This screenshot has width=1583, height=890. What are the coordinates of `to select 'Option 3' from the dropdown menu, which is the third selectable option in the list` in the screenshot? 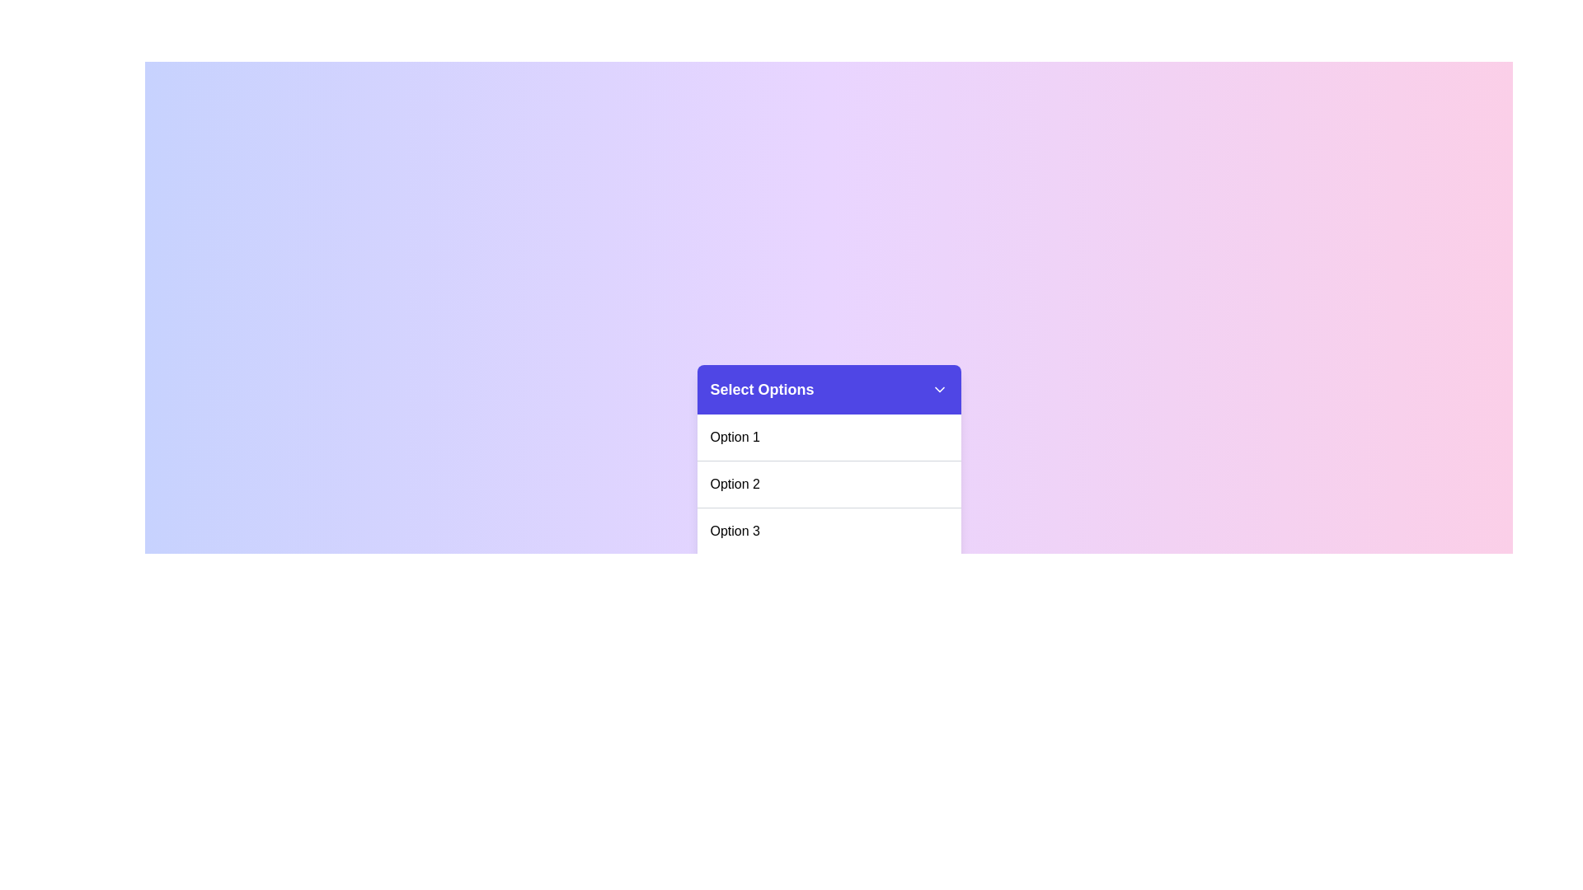 It's located at (734, 531).